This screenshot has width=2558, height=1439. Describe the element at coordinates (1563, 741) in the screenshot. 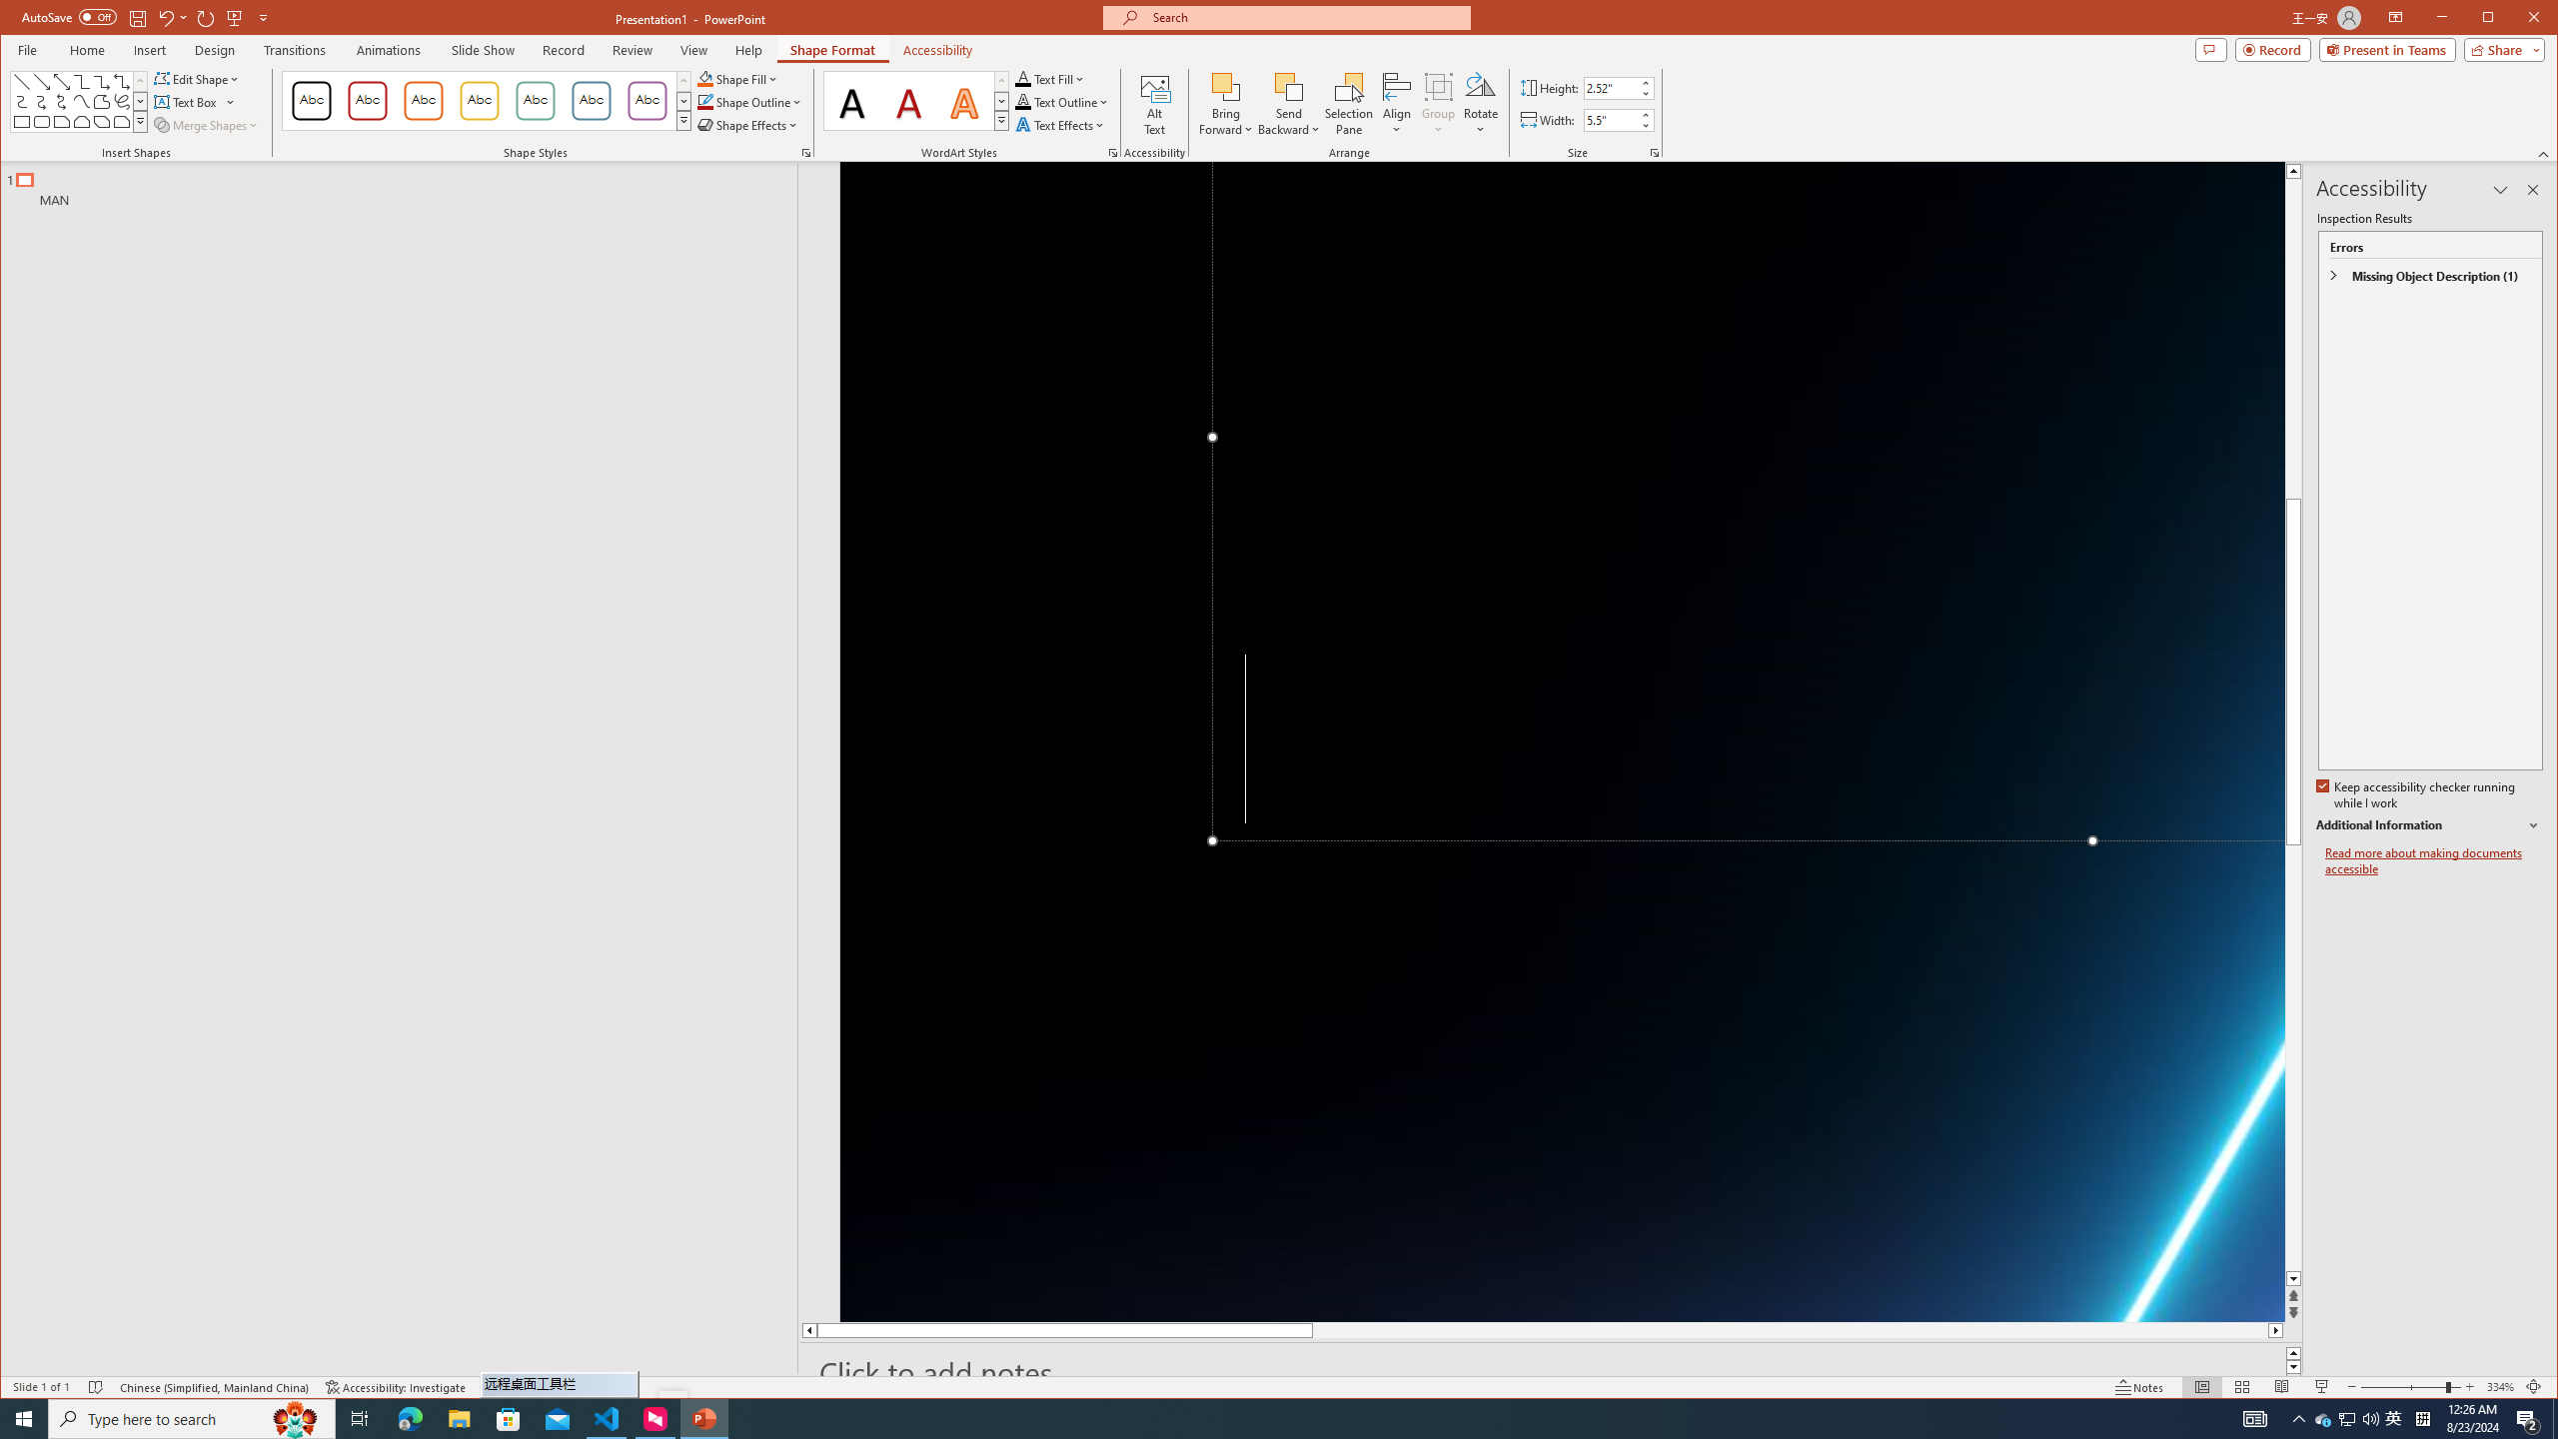

I see `'Neon laser lights aligned to form a triangle'` at that location.